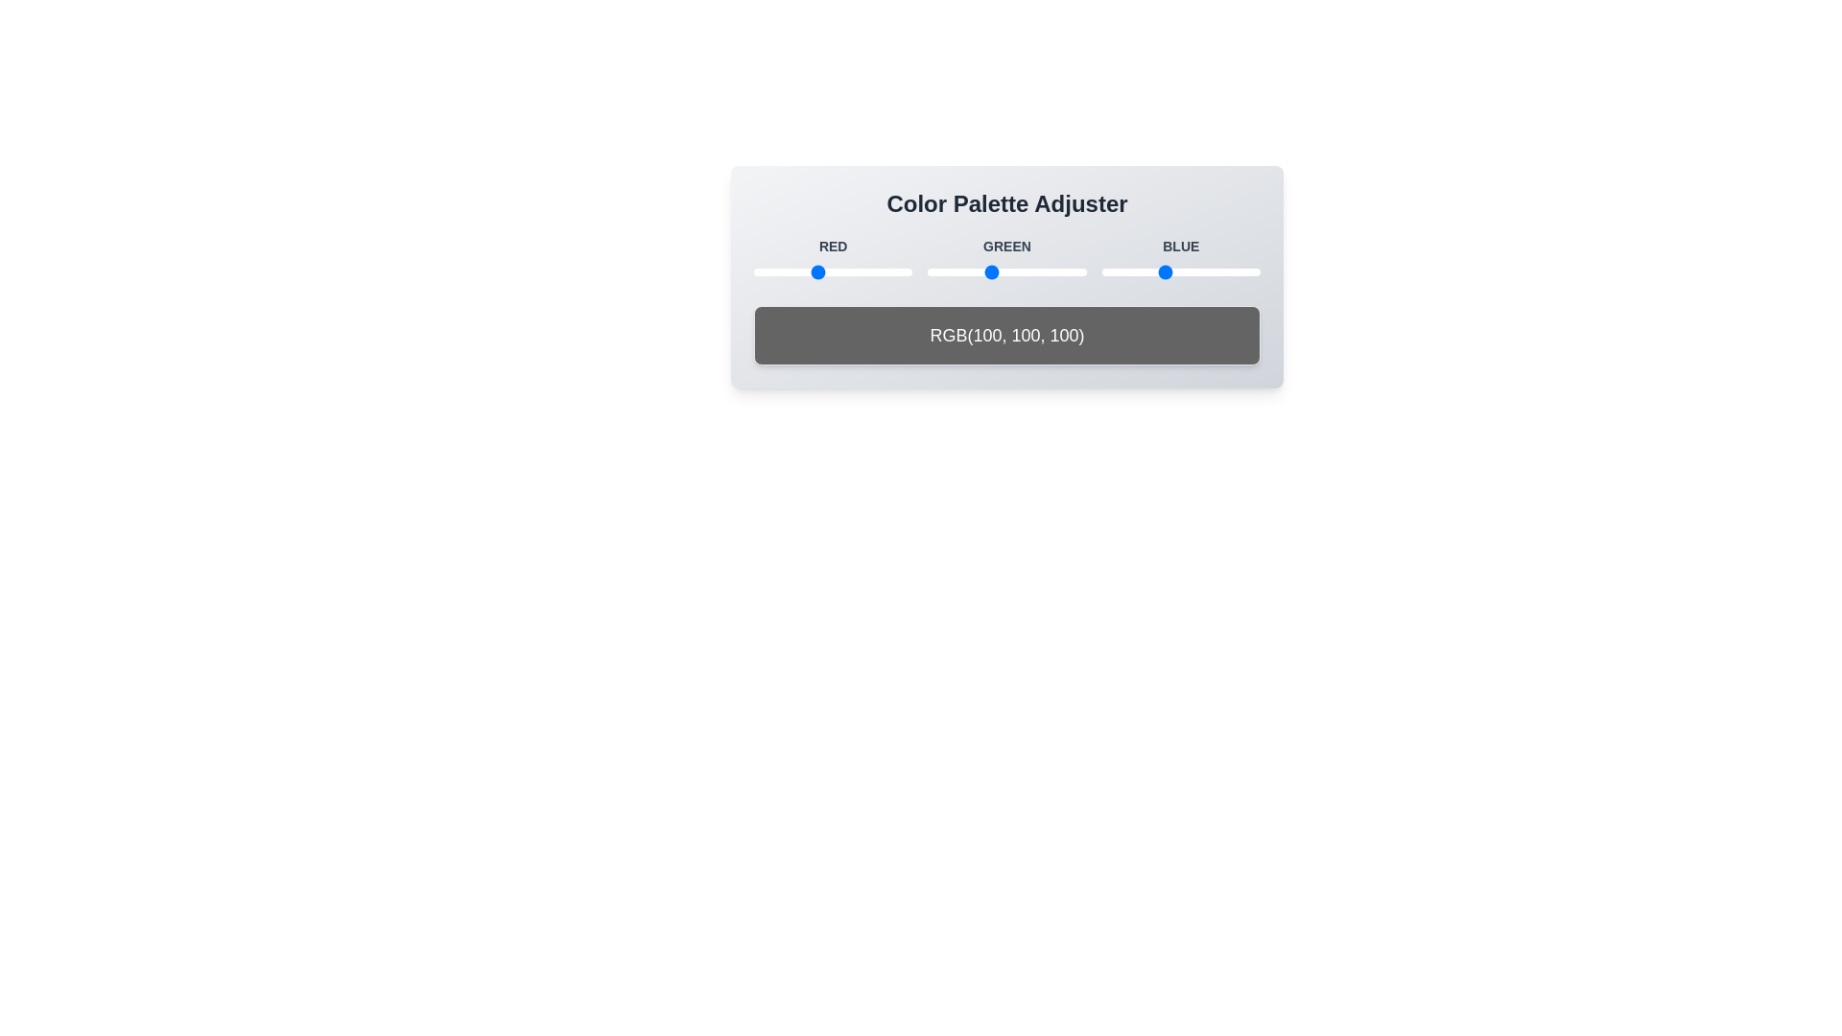  I want to click on the green color value to 223 by adjusting the slider, so click(1065, 272).